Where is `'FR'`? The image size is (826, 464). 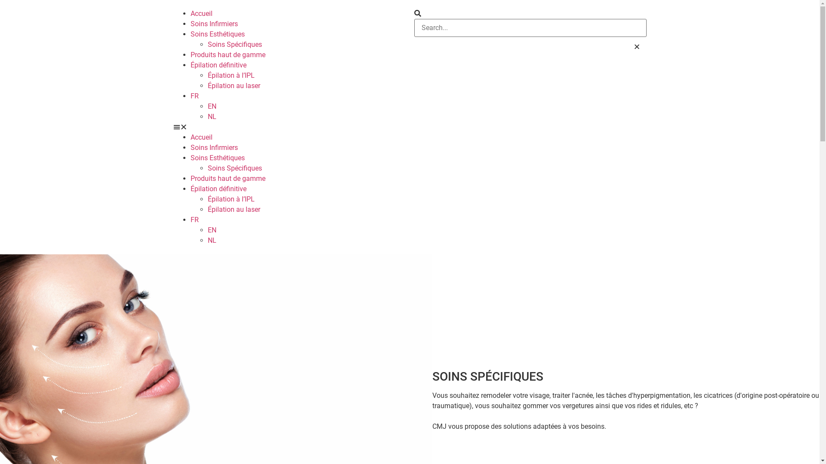 'FR' is located at coordinates (194, 96).